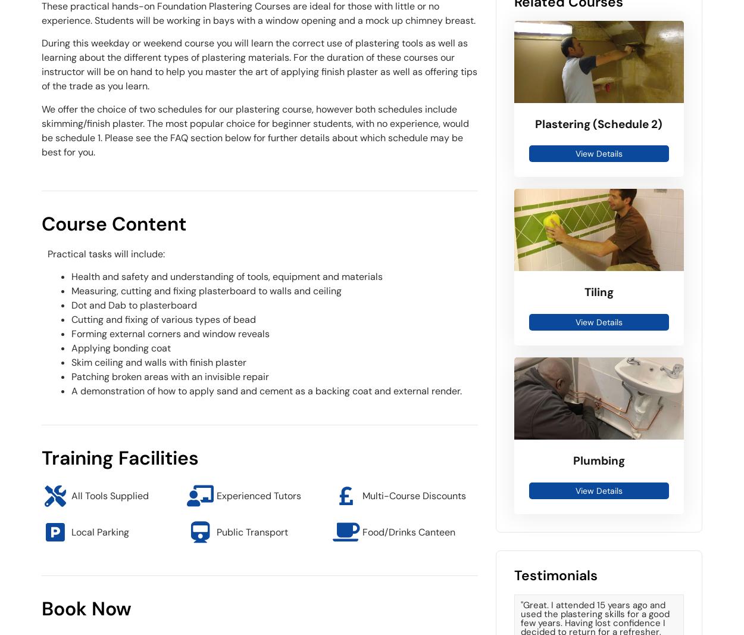  I want to click on 'Multi-Course Discounts', so click(413, 496).